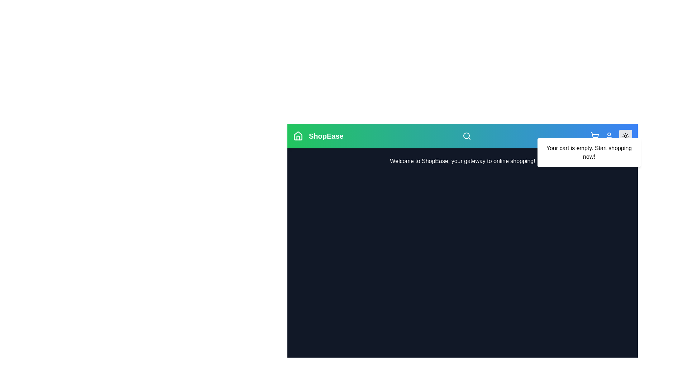 This screenshot has height=387, width=688. Describe the element at coordinates (463, 161) in the screenshot. I see `the 'Welcome to ShopEase' text to select it` at that location.